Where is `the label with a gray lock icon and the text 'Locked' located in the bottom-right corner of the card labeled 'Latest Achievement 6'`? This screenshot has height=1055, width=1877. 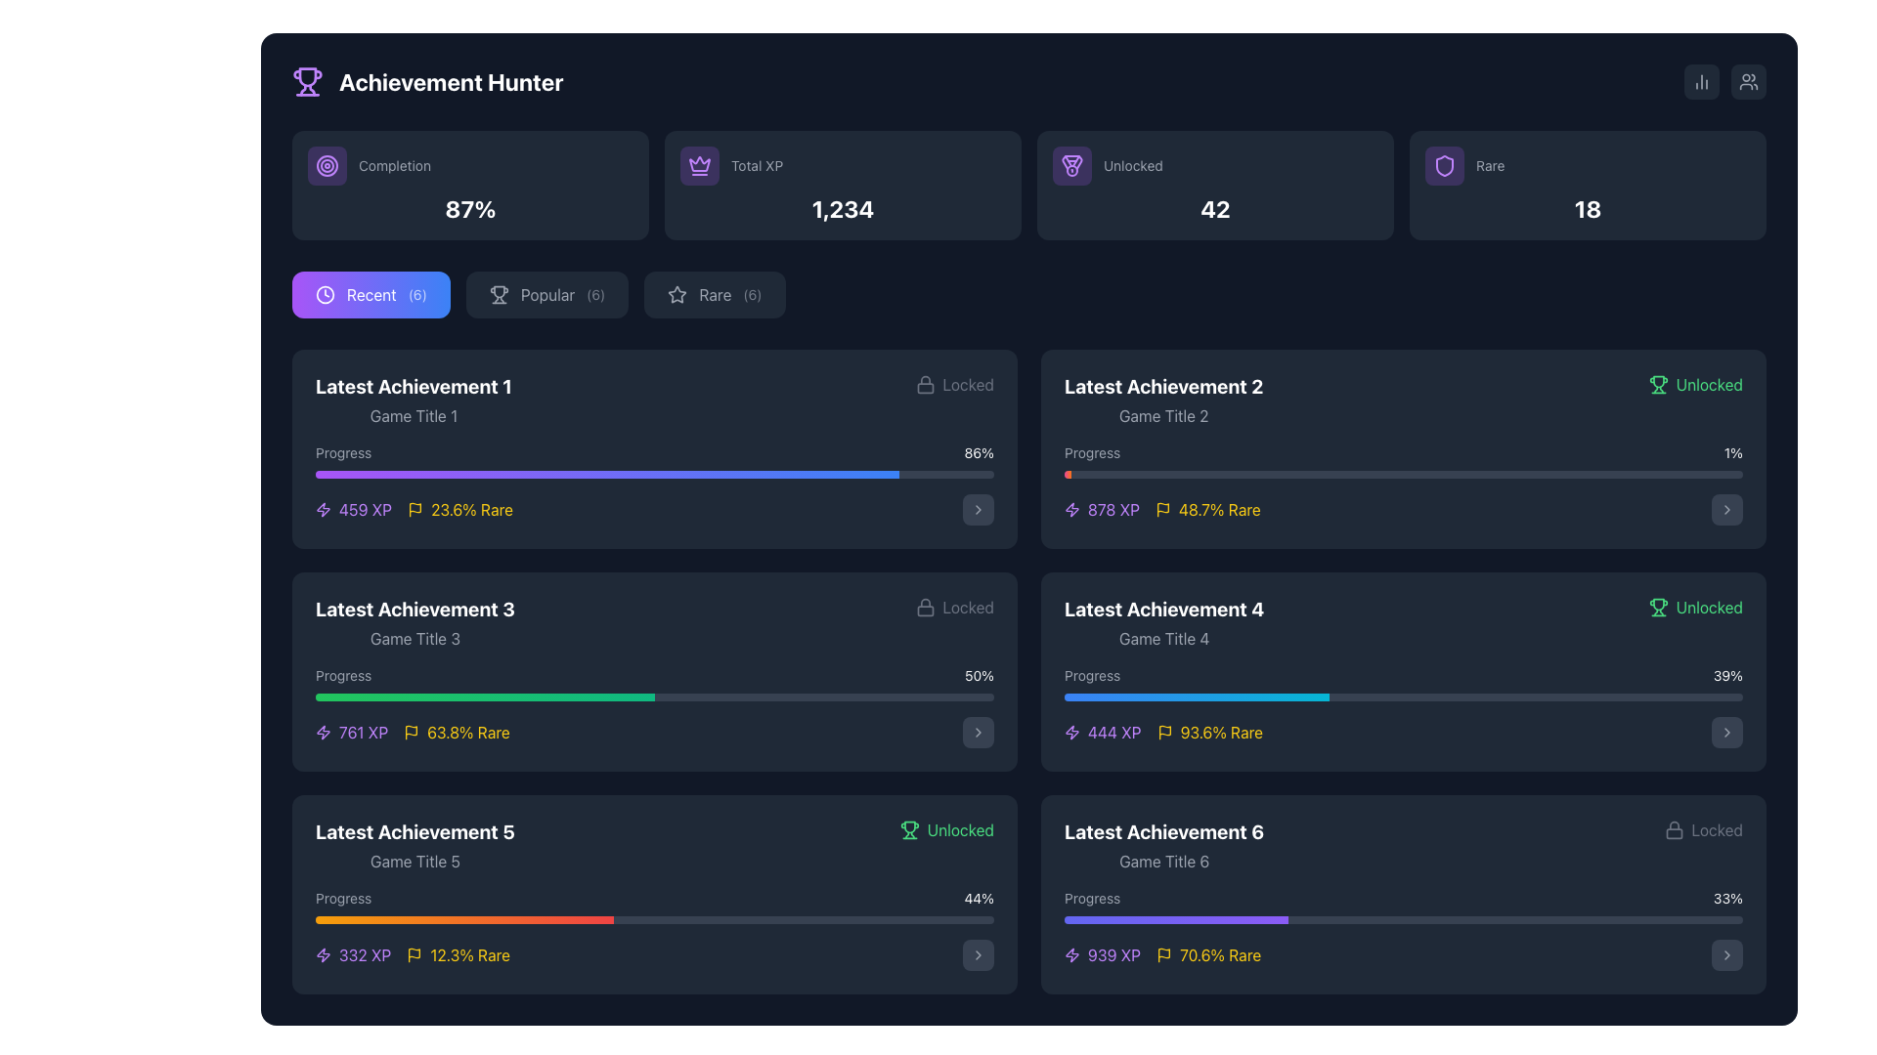
the label with a gray lock icon and the text 'Locked' located in the bottom-right corner of the card labeled 'Latest Achievement 6' is located at coordinates (1702, 829).